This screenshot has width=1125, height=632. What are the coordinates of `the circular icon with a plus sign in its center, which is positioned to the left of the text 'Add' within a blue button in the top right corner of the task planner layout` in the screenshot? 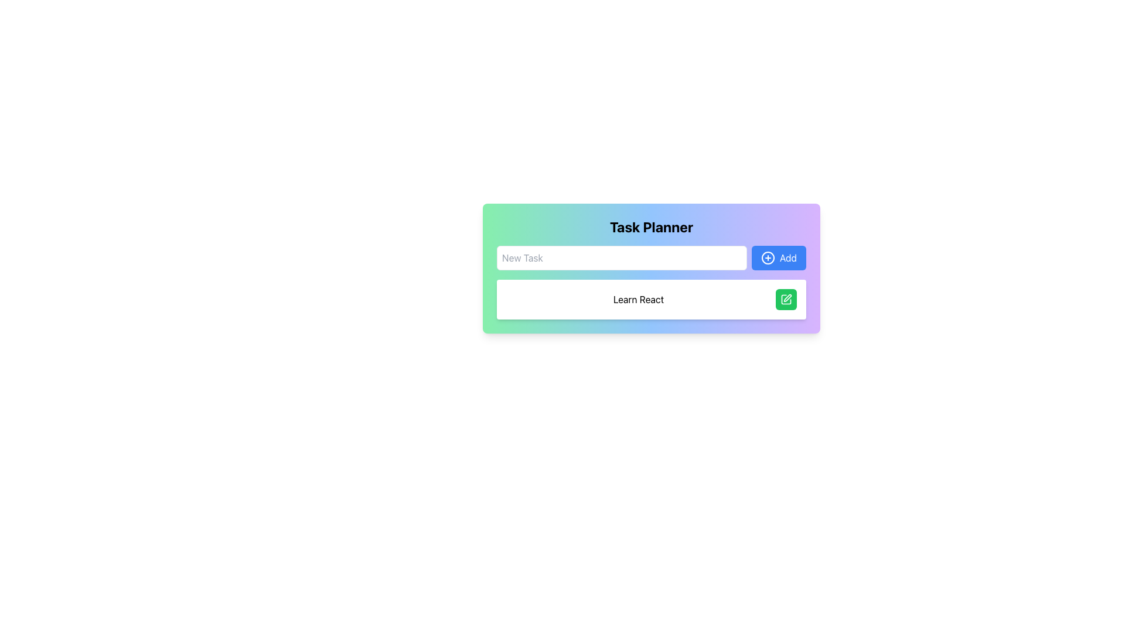 It's located at (768, 257).